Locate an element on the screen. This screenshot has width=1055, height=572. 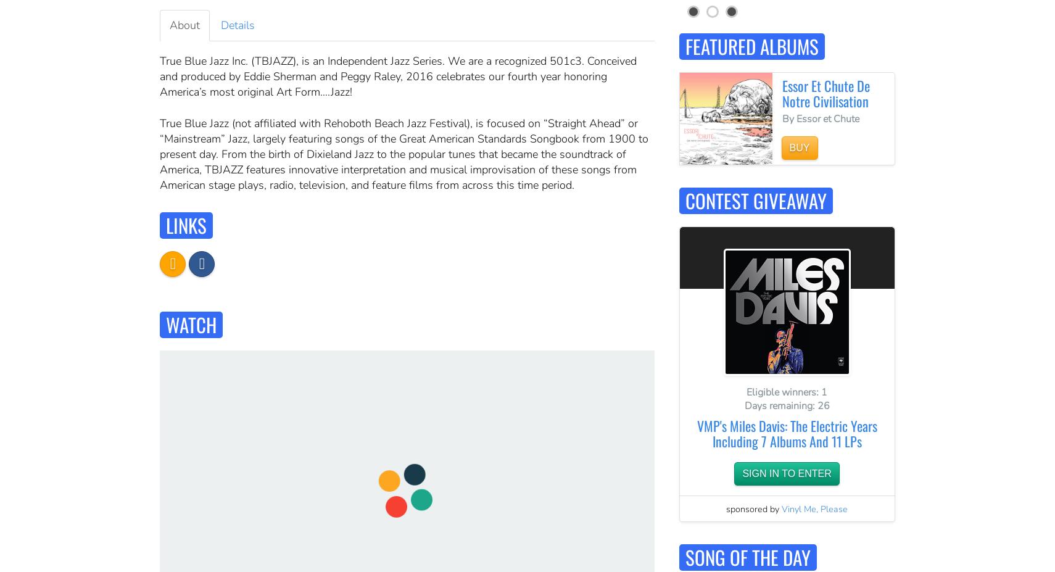
'Vinyl Me, Please' is located at coordinates (780, 508).